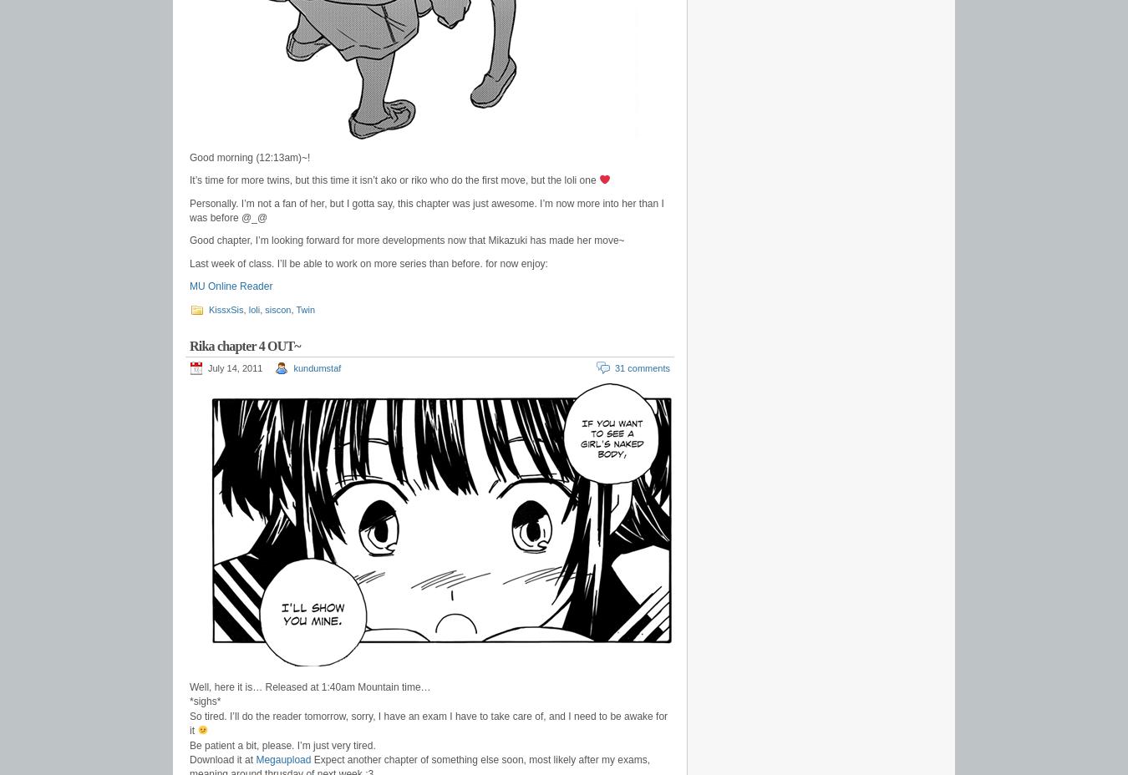  What do you see at coordinates (317, 367) in the screenshot?
I see `'kundumstaf'` at bounding box center [317, 367].